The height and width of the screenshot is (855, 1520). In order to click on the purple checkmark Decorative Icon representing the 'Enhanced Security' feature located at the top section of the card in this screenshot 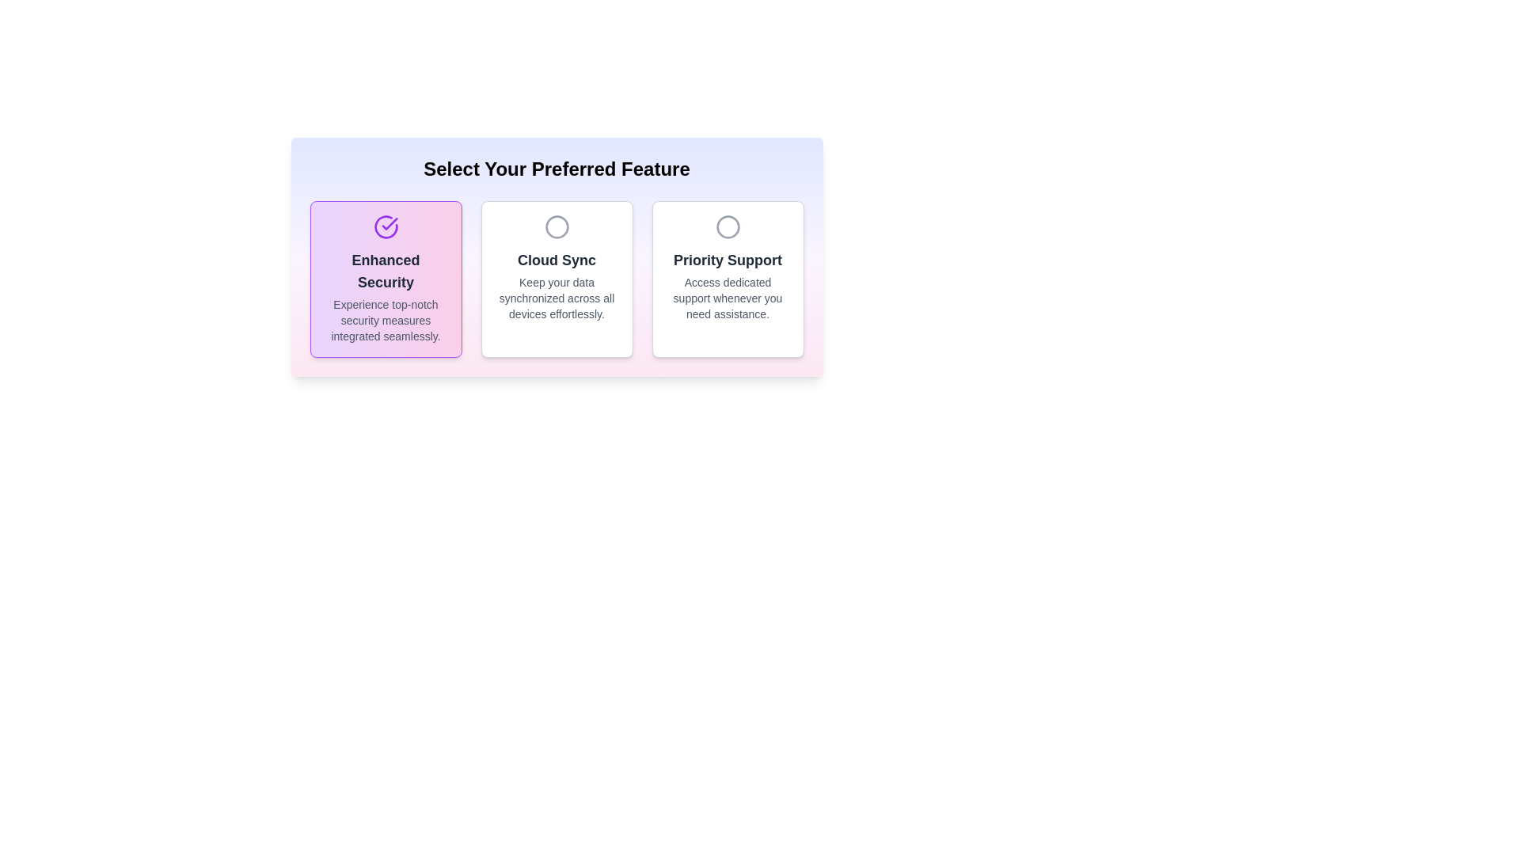, I will do `click(389, 223)`.